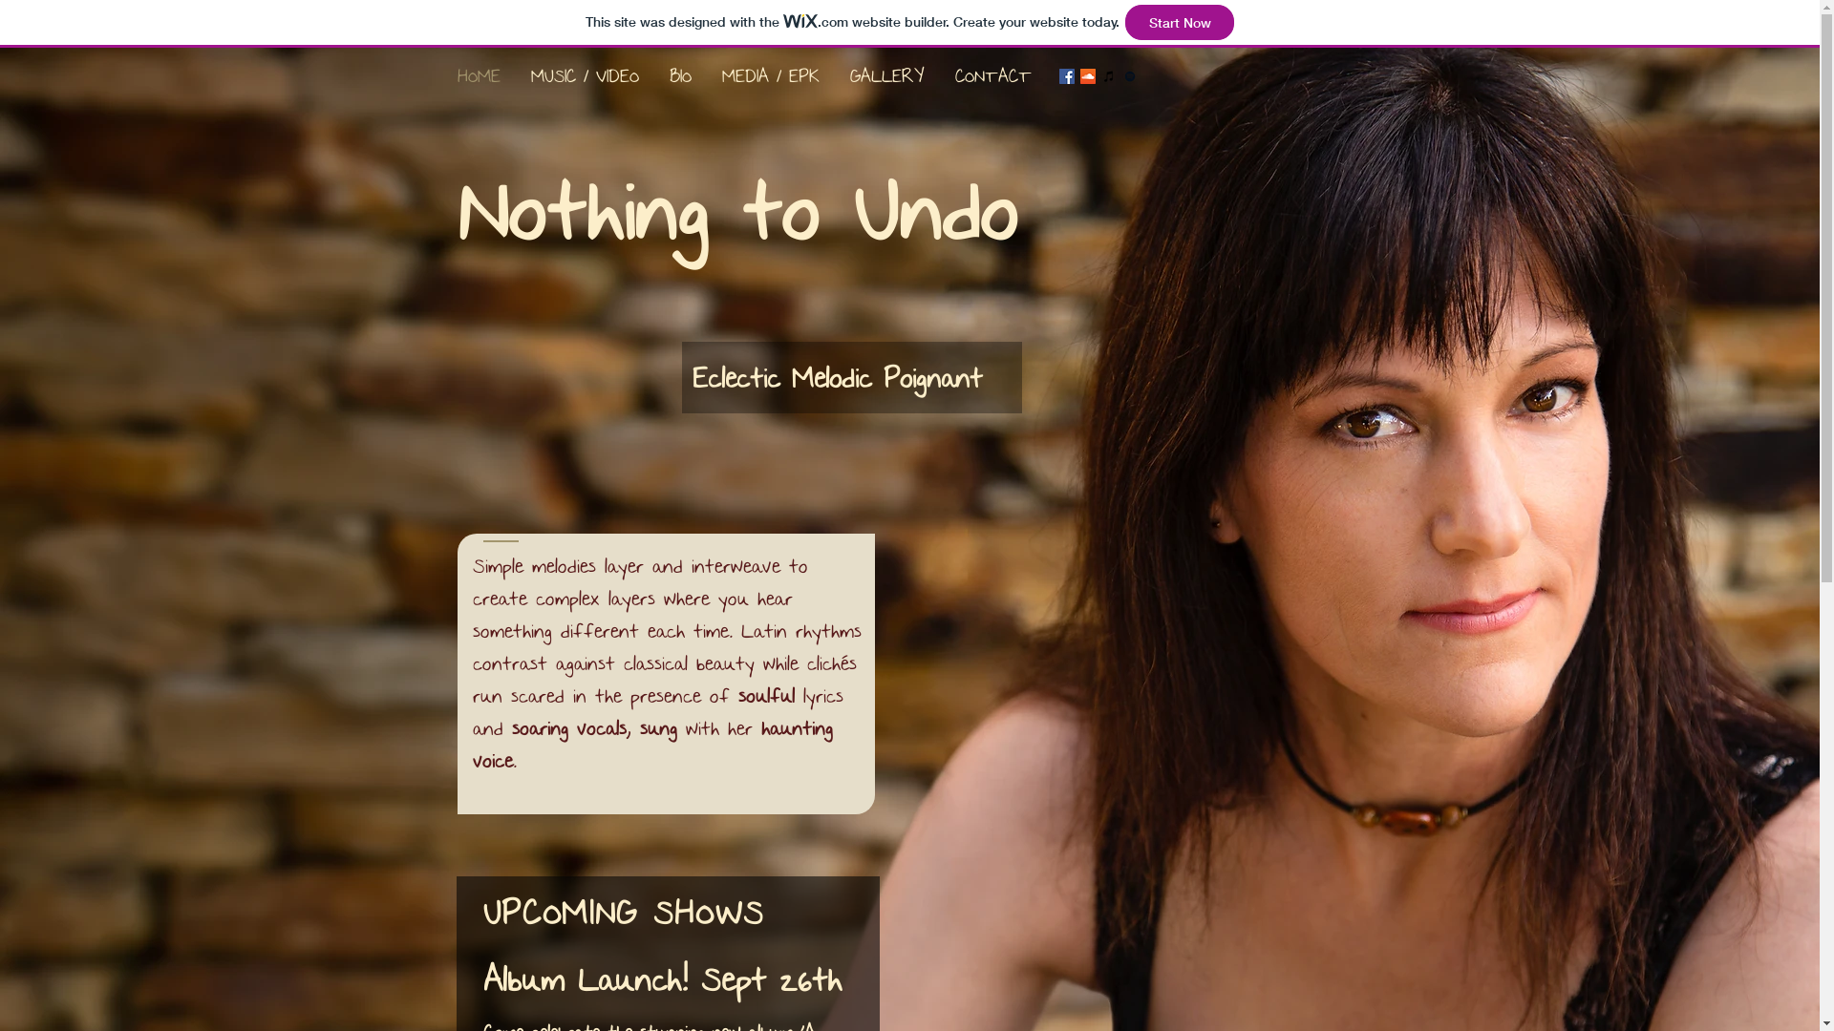  I want to click on 'UPCOMING SHOWS', so click(624, 912).